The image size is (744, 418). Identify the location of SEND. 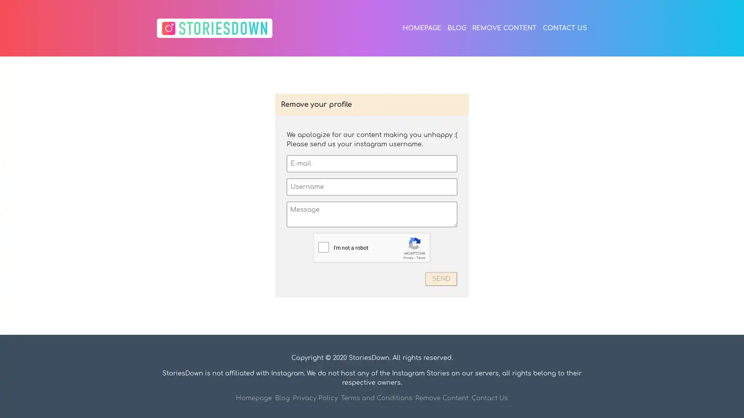
(441, 279).